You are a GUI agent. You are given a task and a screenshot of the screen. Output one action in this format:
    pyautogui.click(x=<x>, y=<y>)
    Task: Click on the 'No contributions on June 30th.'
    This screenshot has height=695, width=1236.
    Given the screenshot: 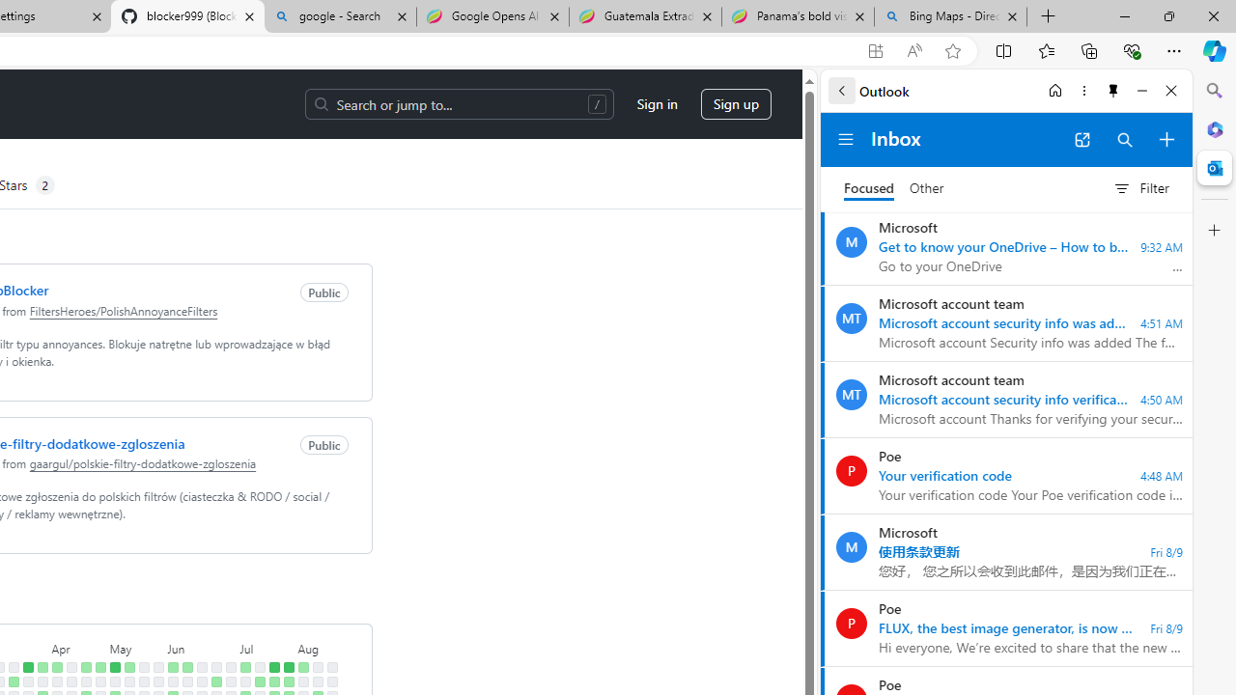 What is the action you would take?
    pyautogui.click(x=230, y=666)
    